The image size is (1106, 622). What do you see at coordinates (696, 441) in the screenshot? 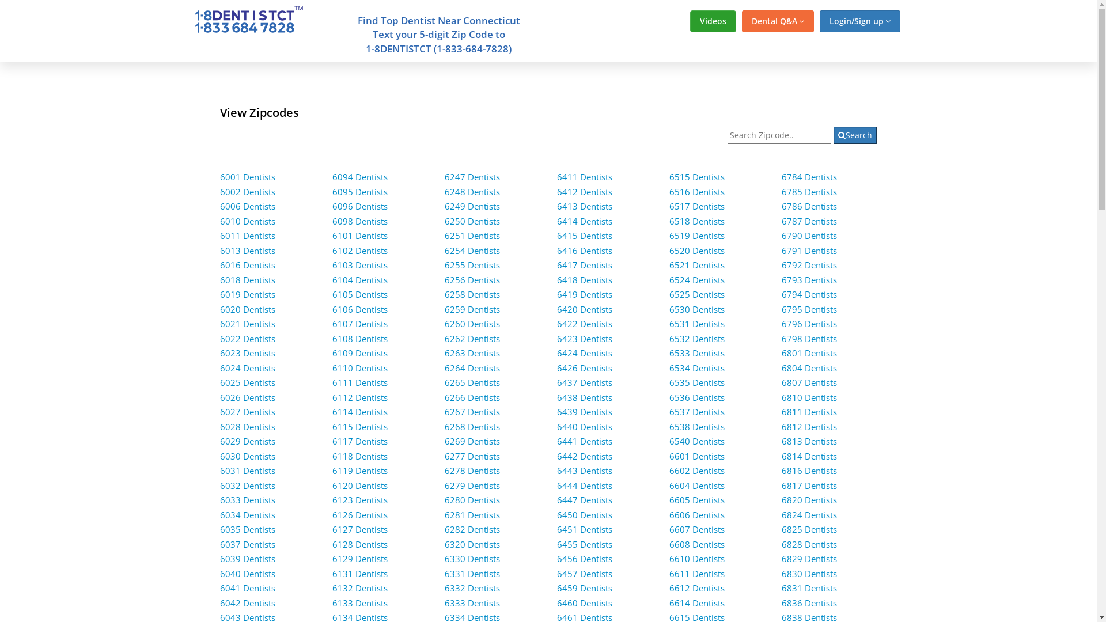
I see `'6540 Dentists'` at bounding box center [696, 441].